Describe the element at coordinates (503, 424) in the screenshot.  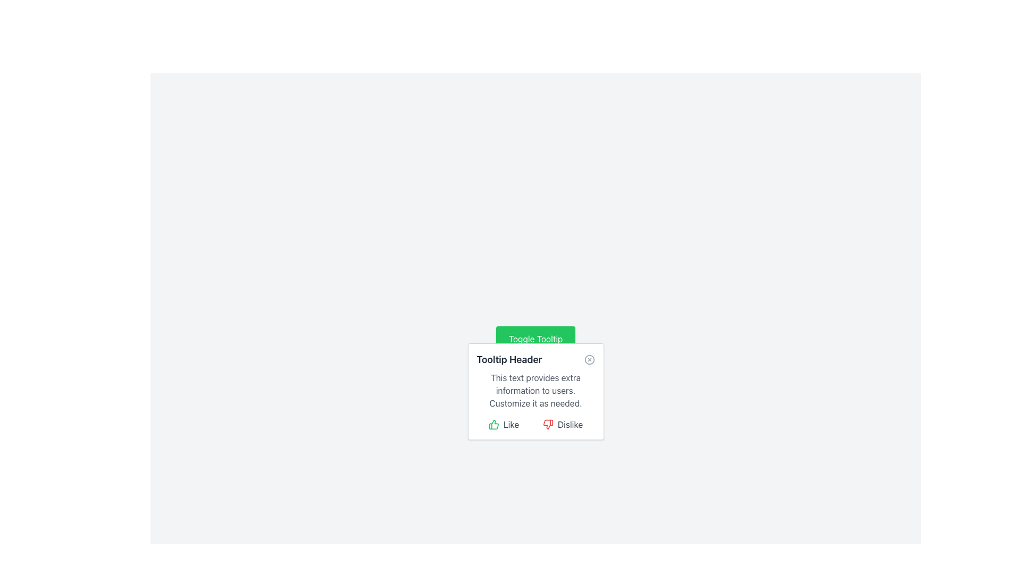
I see `the first button in the horizontal arrangement at the bottom of the tooltip card to register a 'like'` at that location.